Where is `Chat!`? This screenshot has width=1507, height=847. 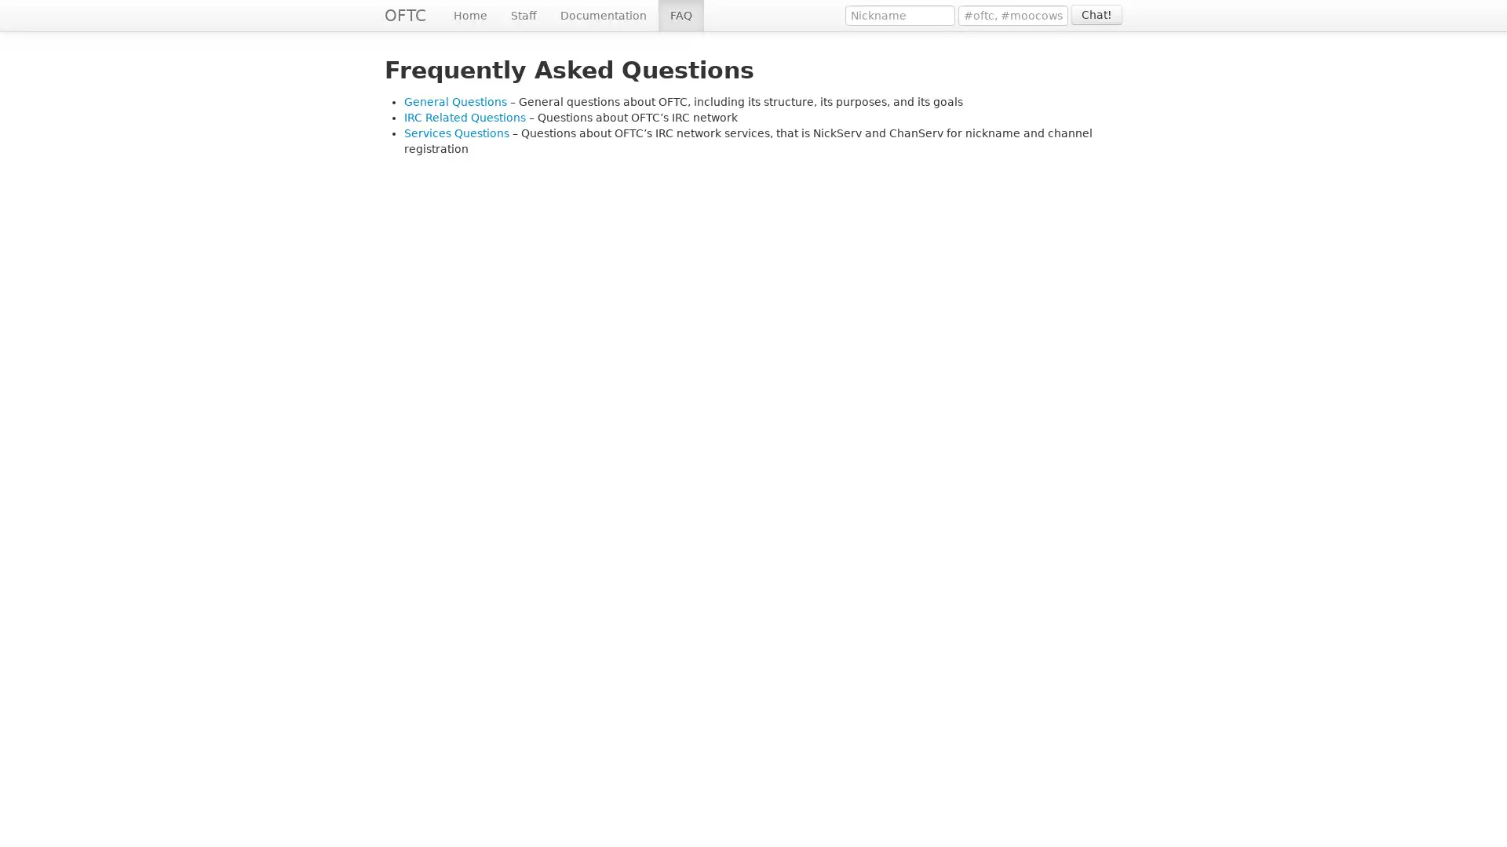
Chat! is located at coordinates (1096, 15).